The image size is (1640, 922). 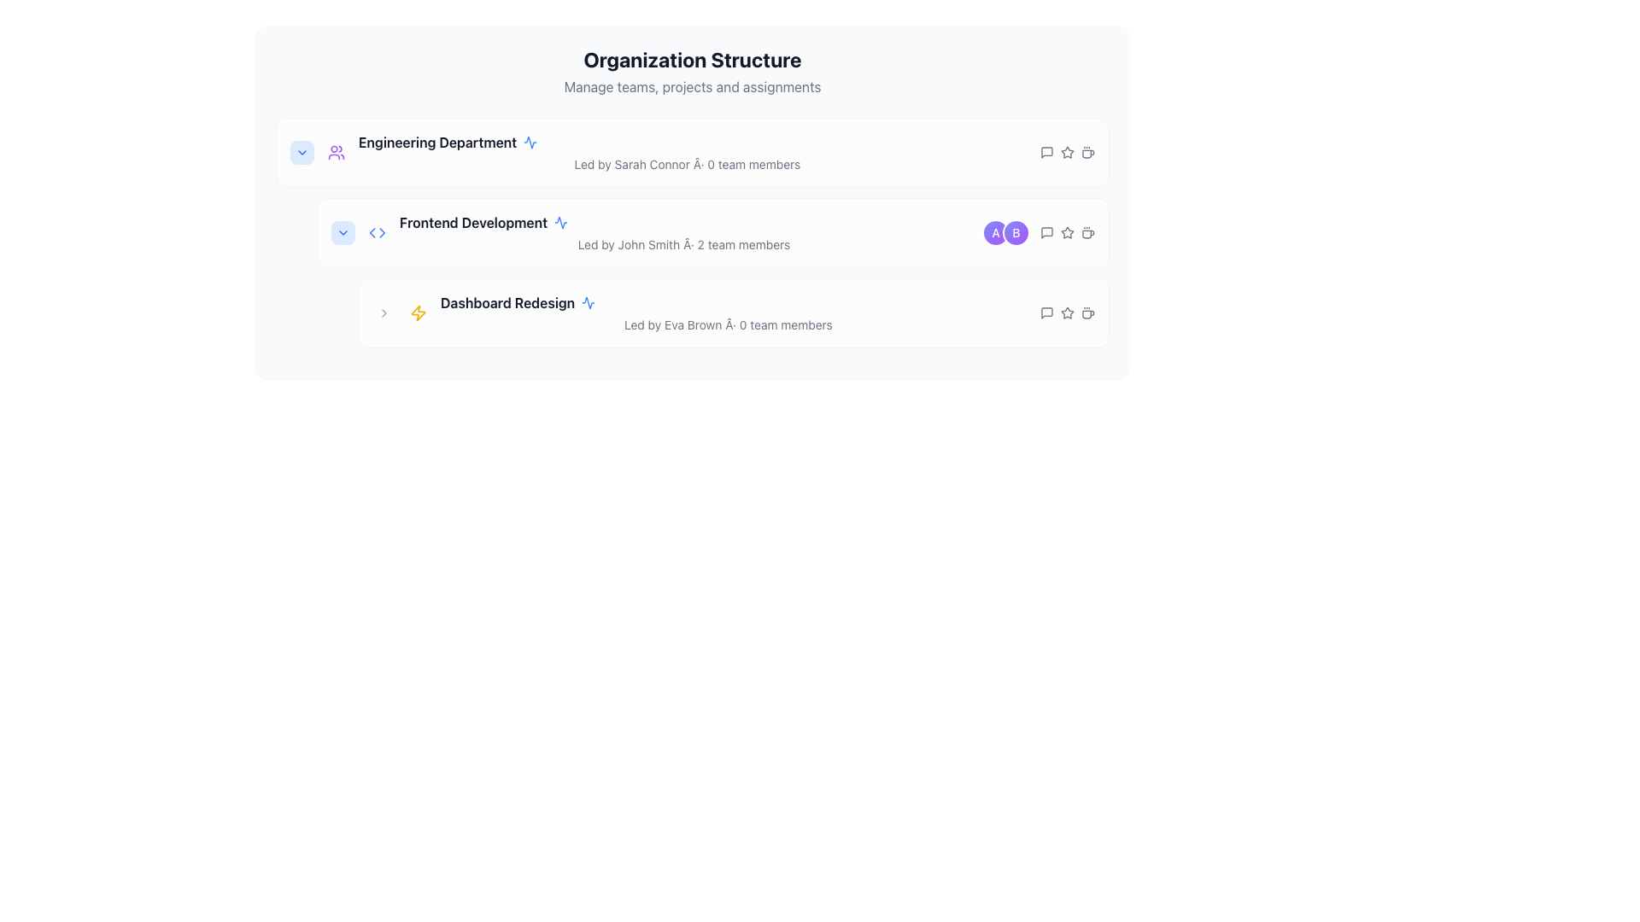 What do you see at coordinates (1045, 151) in the screenshot?
I see `the messaging or comments SVG icon located on the right side of the 'Engineering Department' section for keyboard interactions` at bounding box center [1045, 151].